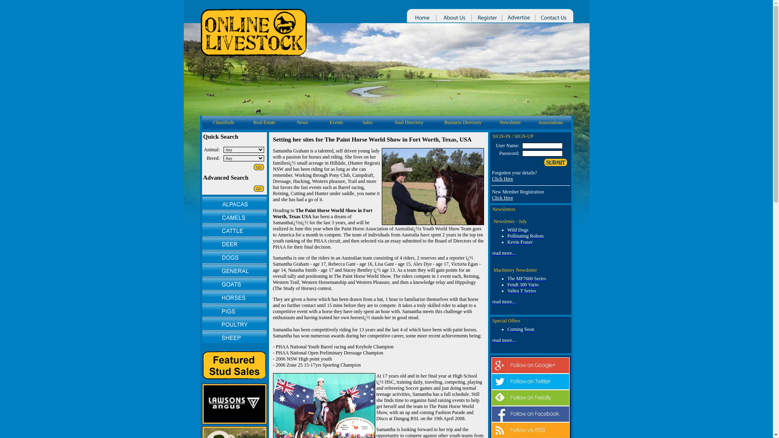 The width and height of the screenshot is (779, 438). I want to click on 'Sales', so click(367, 122).